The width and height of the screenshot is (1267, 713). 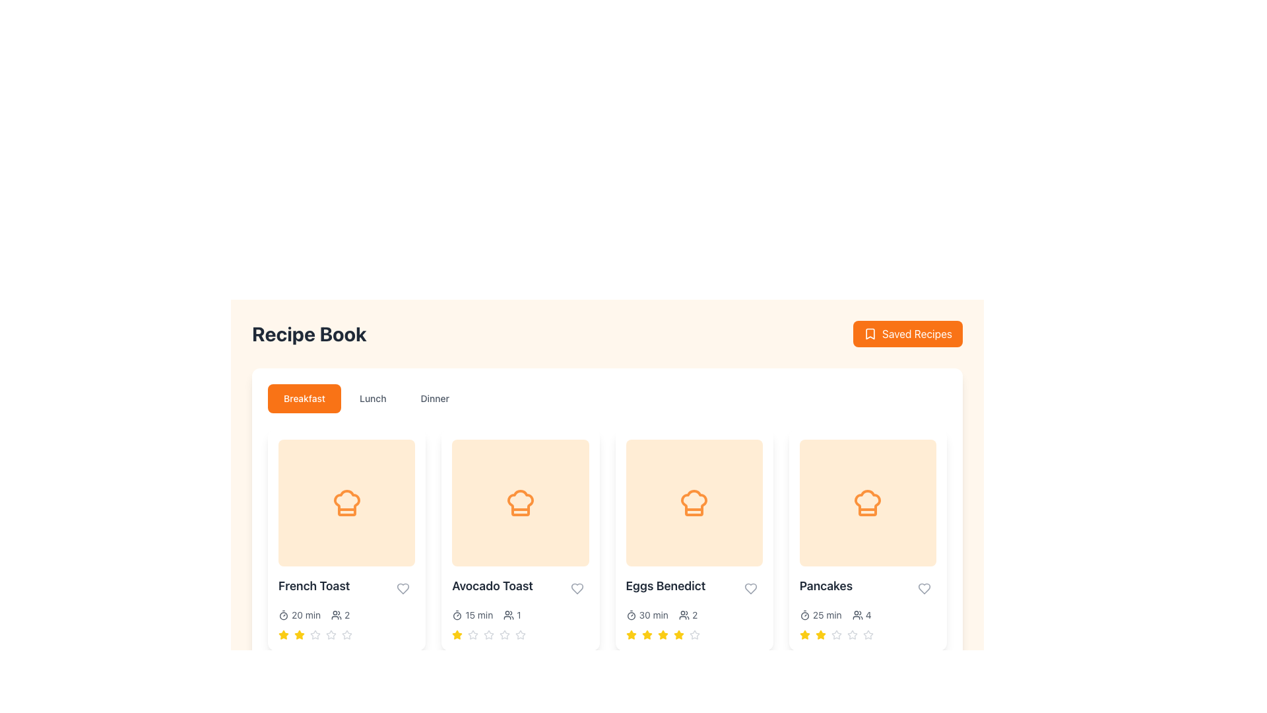 What do you see at coordinates (372, 398) in the screenshot?
I see `the 'Lunch' button, which is a light gray inactive button with rounded corners positioned in the middle of a horizontal menu under the 'Recipe Book' heading` at bounding box center [372, 398].